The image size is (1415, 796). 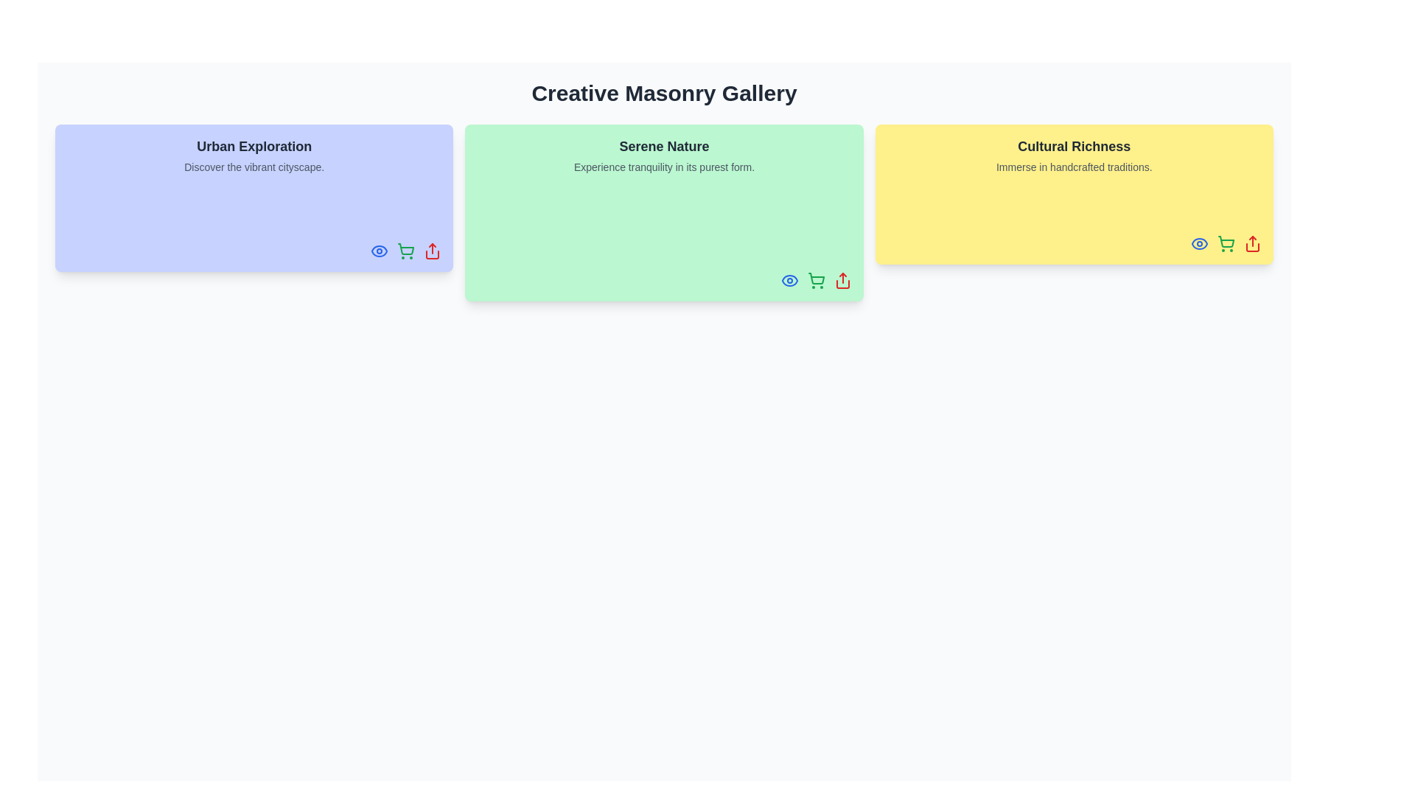 I want to click on the decorative icon segment that visually represents the share icon located in the bottom-right corner of the 'Cultural Richness' card, so click(x=1251, y=246).